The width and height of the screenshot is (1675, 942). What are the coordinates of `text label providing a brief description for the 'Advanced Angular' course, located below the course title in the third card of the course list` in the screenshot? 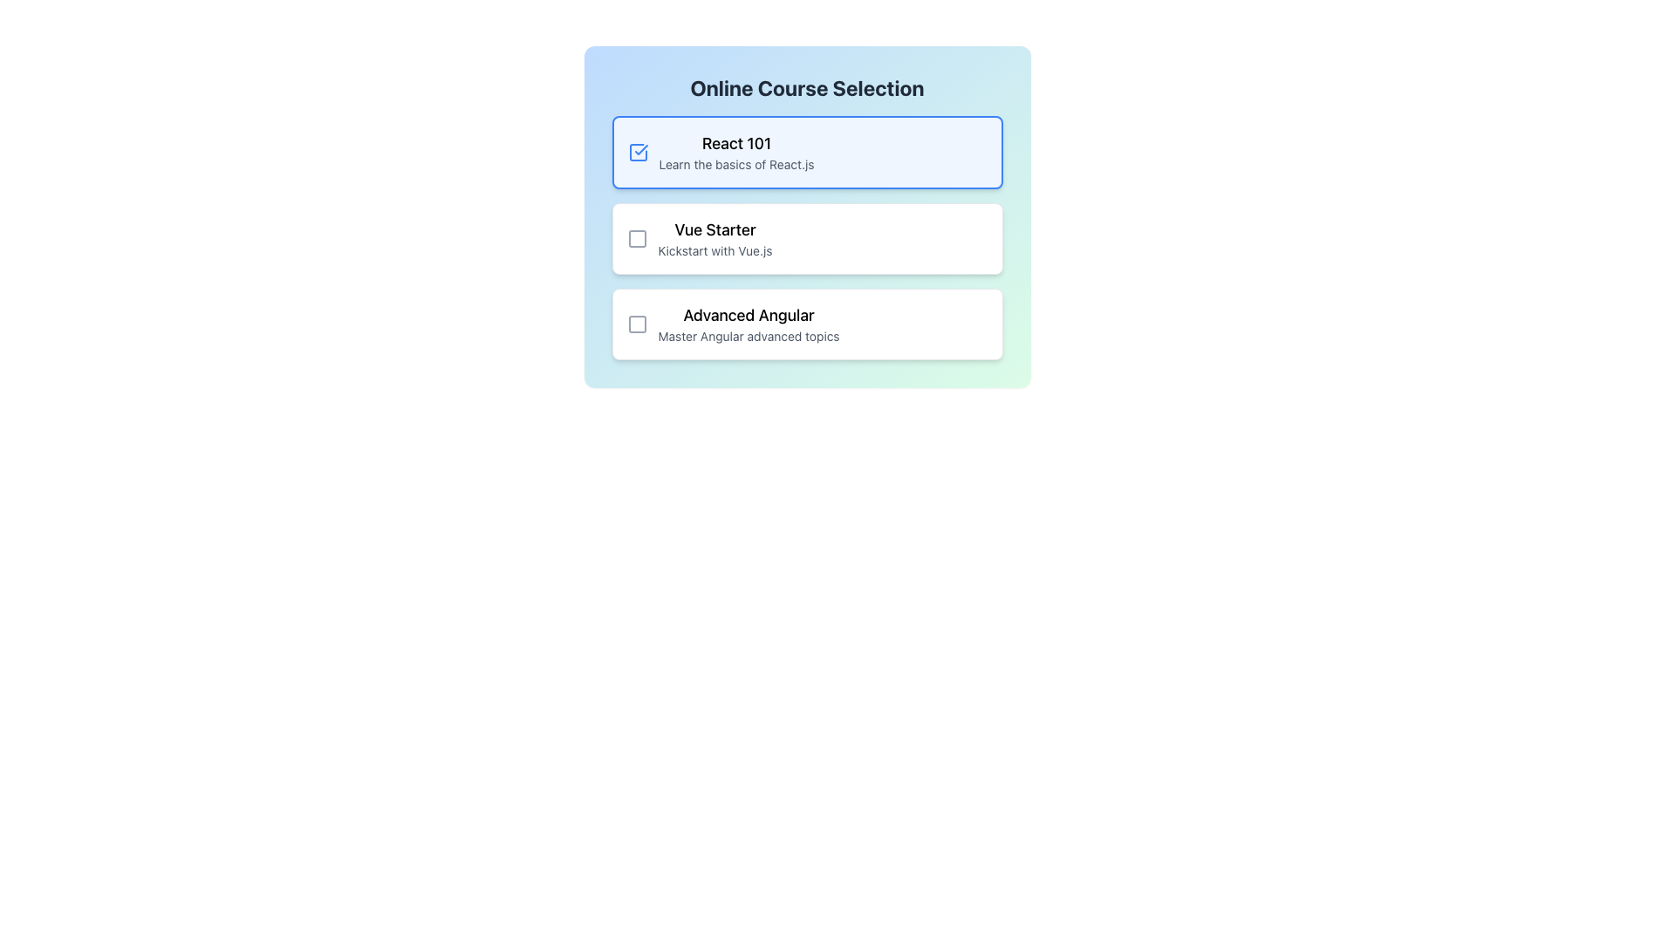 It's located at (749, 336).